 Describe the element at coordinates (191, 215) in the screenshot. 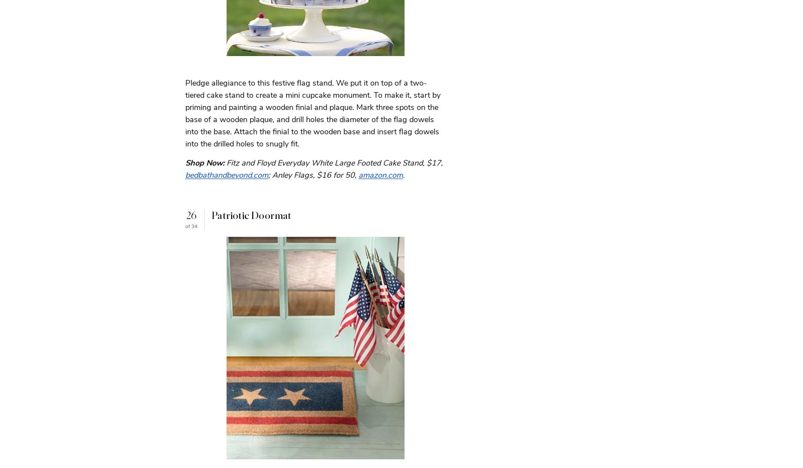

I see `'26'` at that location.